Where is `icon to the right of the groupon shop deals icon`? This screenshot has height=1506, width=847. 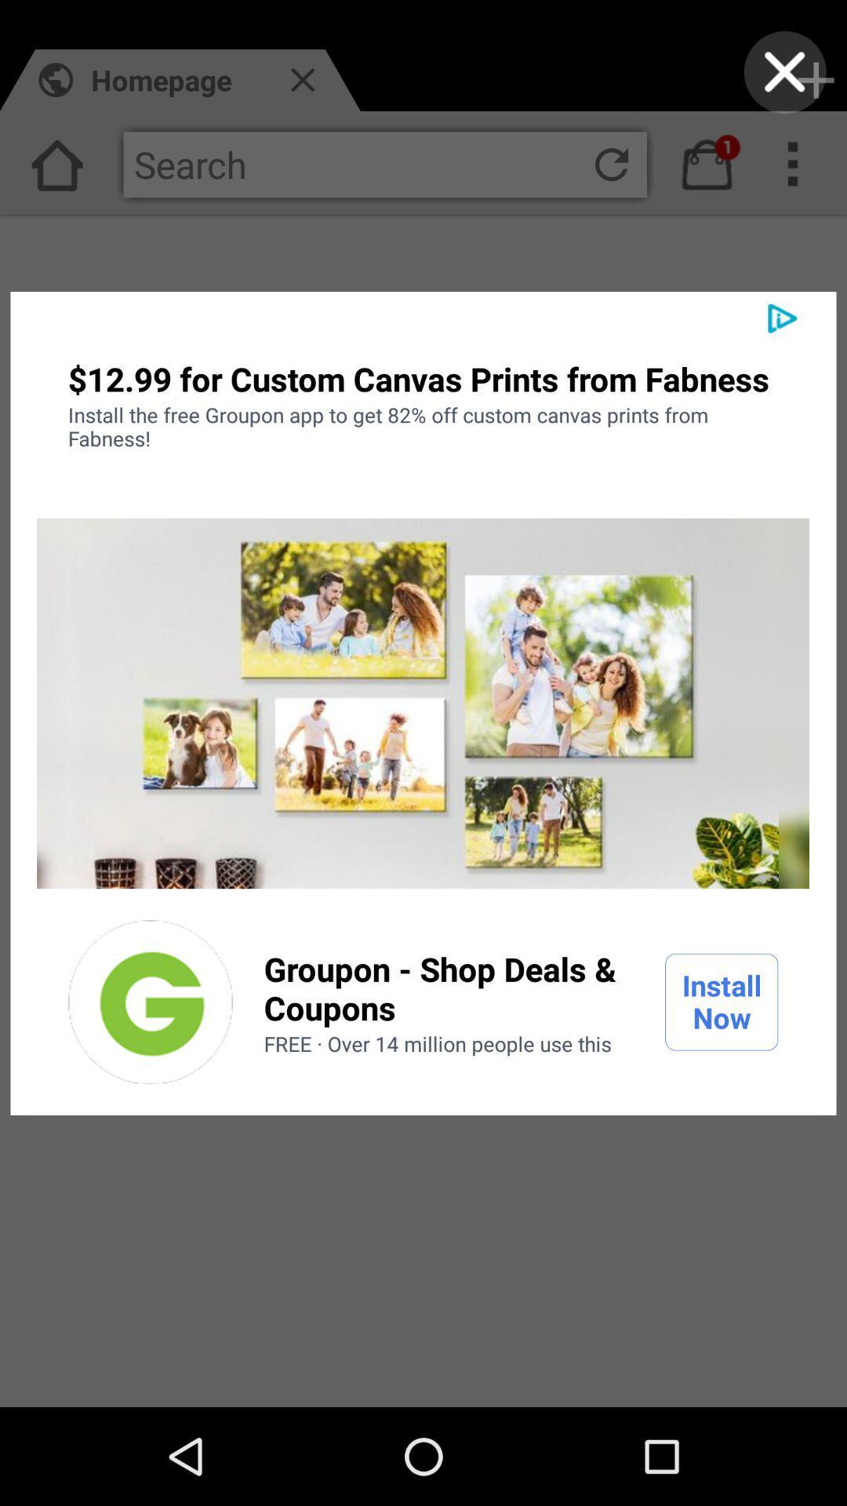
icon to the right of the groupon shop deals icon is located at coordinates (722, 1001).